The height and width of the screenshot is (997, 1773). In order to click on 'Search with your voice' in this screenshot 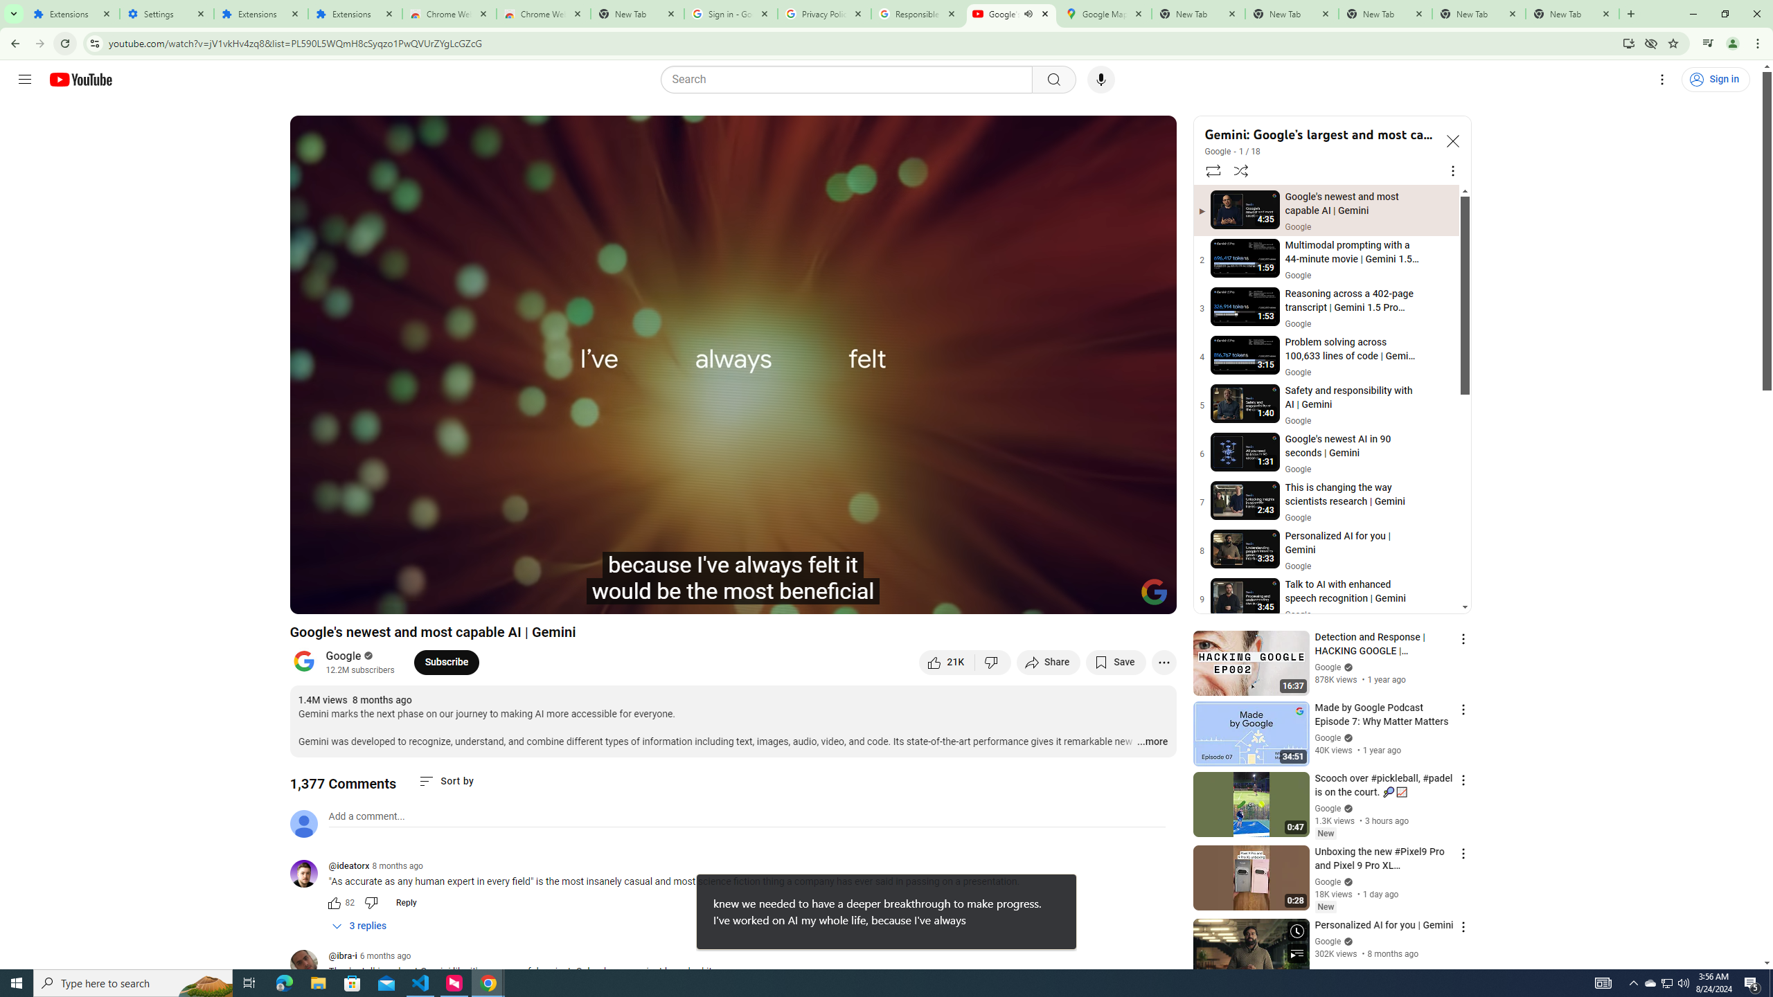, I will do `click(1101, 79)`.